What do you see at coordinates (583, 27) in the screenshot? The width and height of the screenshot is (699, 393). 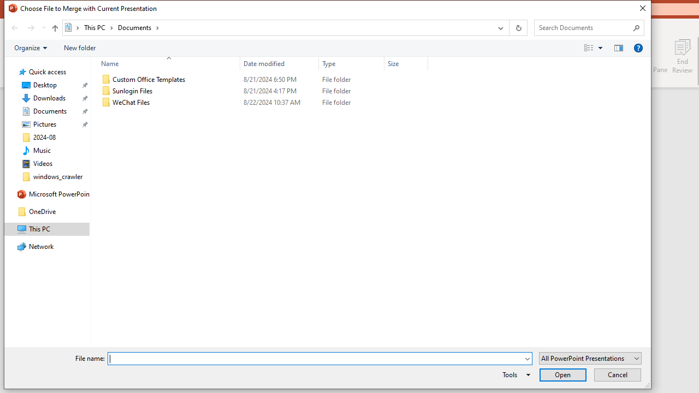 I see `'Search Box'` at bounding box center [583, 27].